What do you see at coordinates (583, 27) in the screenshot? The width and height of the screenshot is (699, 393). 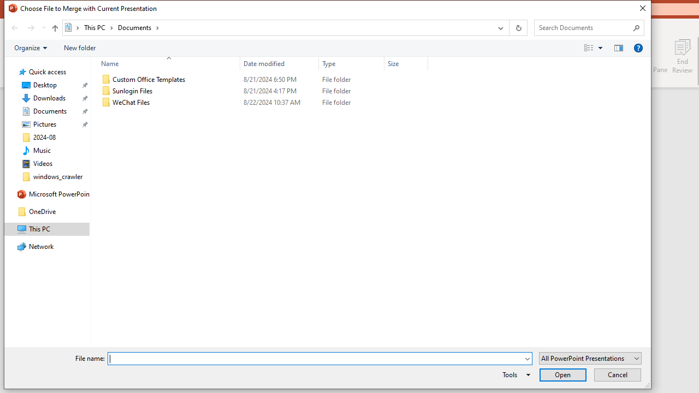 I see `'Search Box'` at bounding box center [583, 27].